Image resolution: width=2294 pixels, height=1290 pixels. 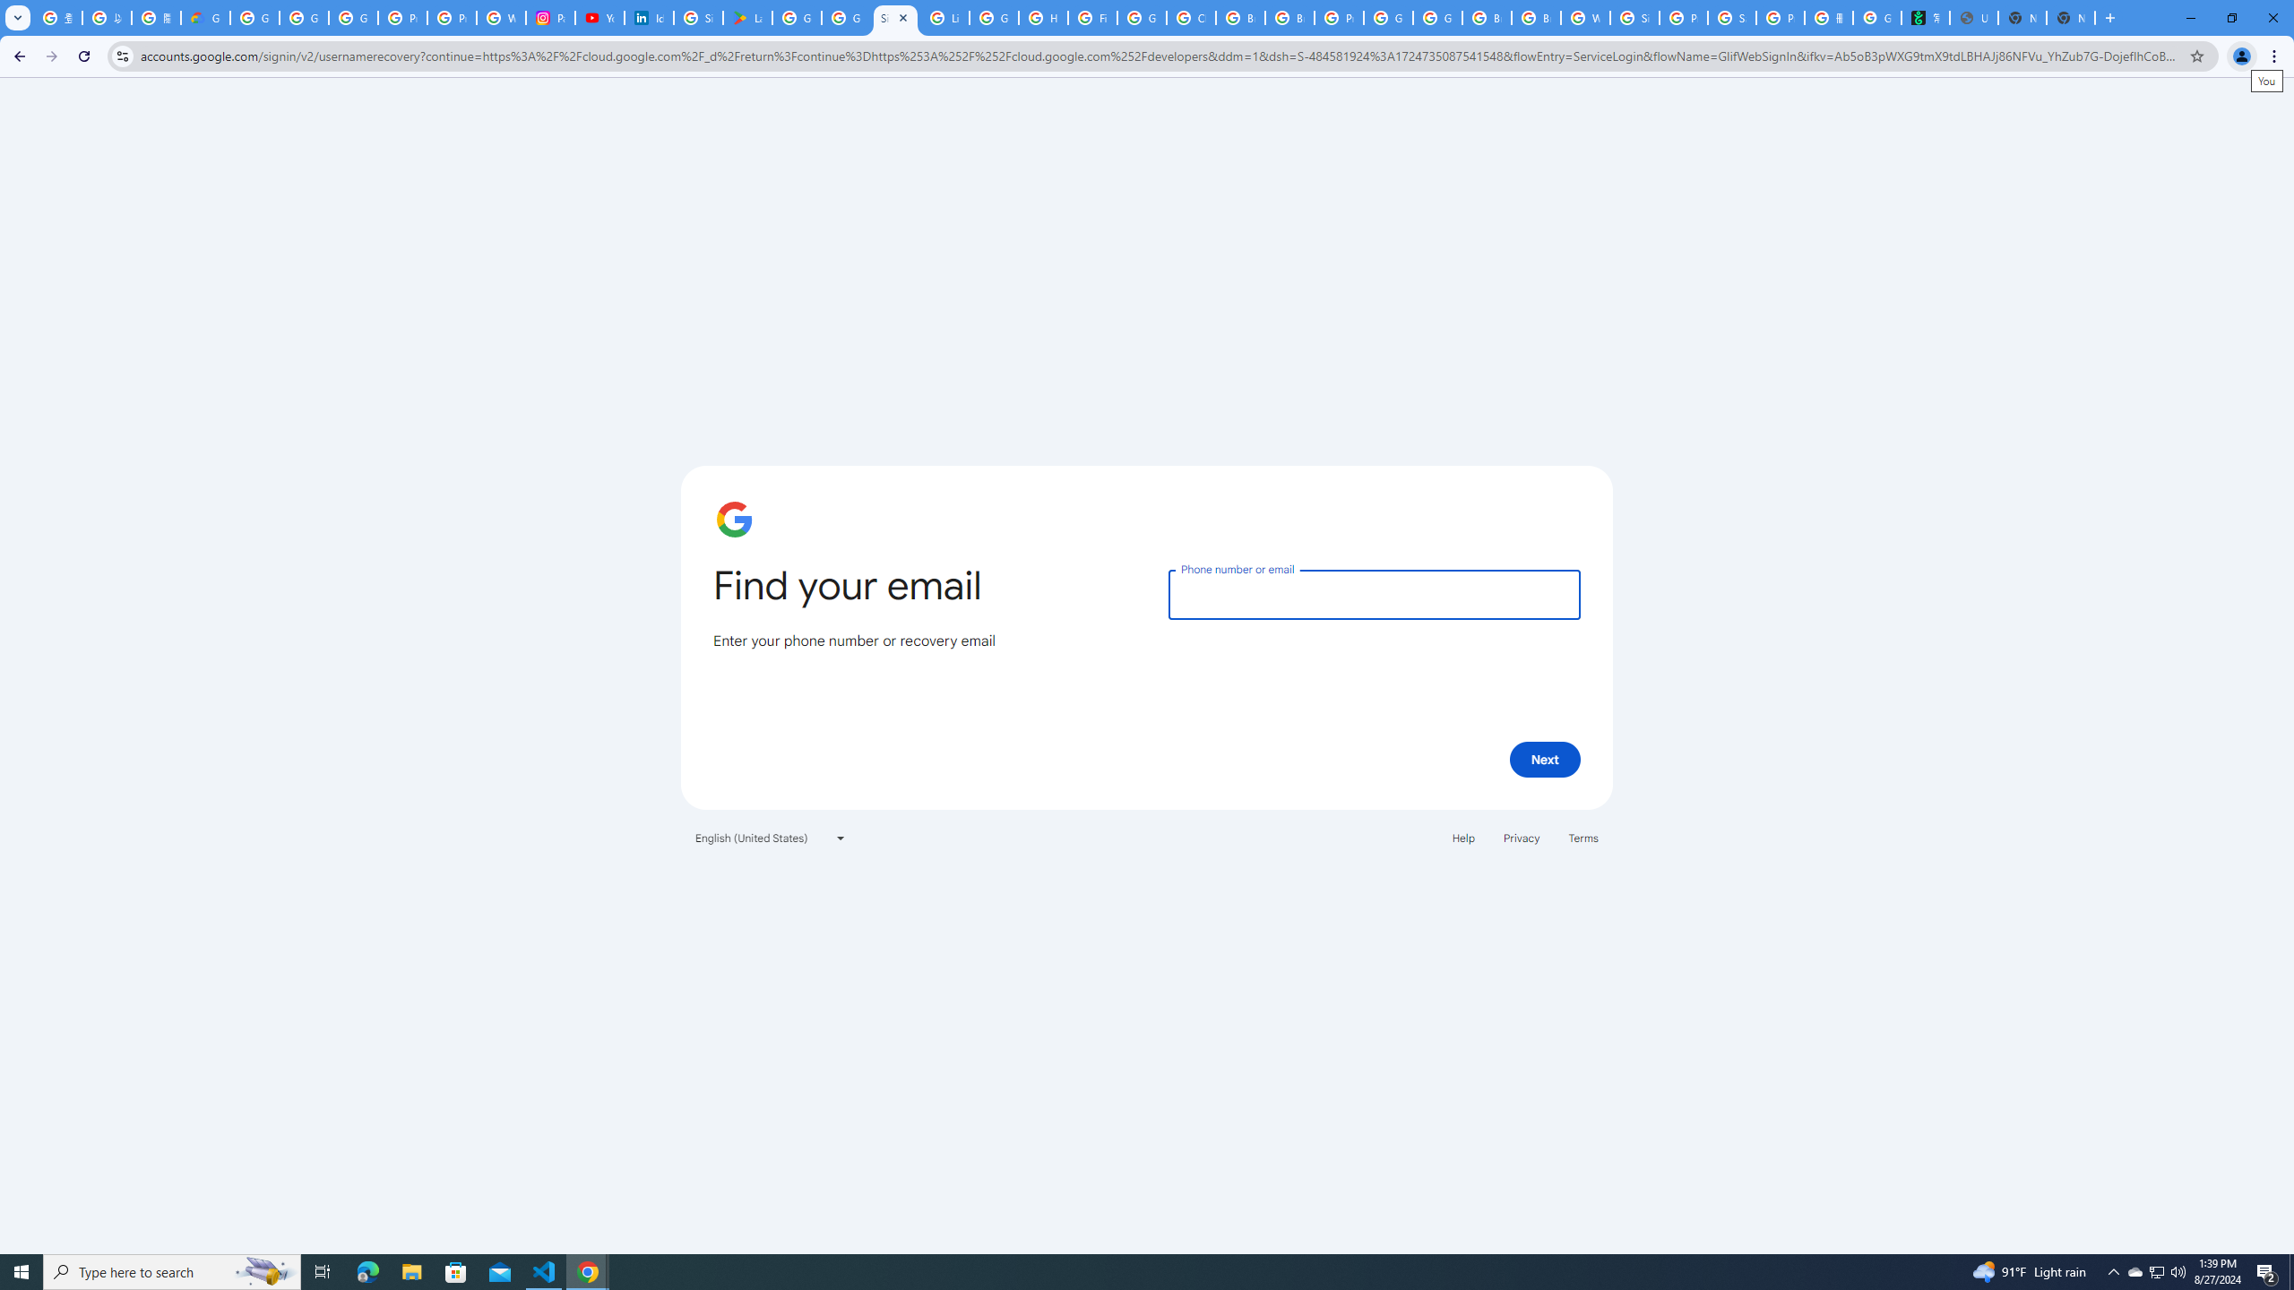 I want to click on 'Phone number or email', so click(x=1373, y=593).